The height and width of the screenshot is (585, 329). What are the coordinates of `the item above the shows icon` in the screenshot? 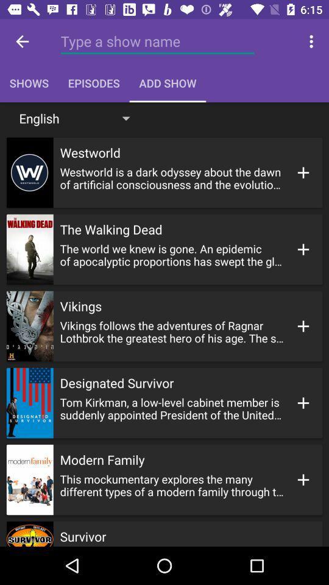 It's located at (157, 41).